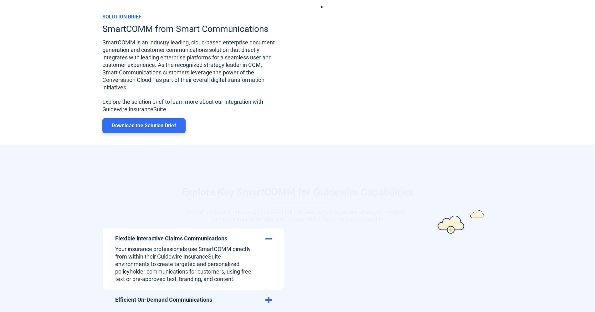 This screenshot has width=595, height=312. What do you see at coordinates (188, 64) in the screenshot?
I see `'SmartCOMM is an industry leading, cloud-based enterprise document generation and customer communications solution that directly integrates with leading enterprise platforms for a seamless user and customer experience. As the recognized strategy leader in CCM, Smart Communications customers leverage the power of the Conversation Cloud™ as part of their overall digital transformation initiatives.'` at bounding box center [188, 64].